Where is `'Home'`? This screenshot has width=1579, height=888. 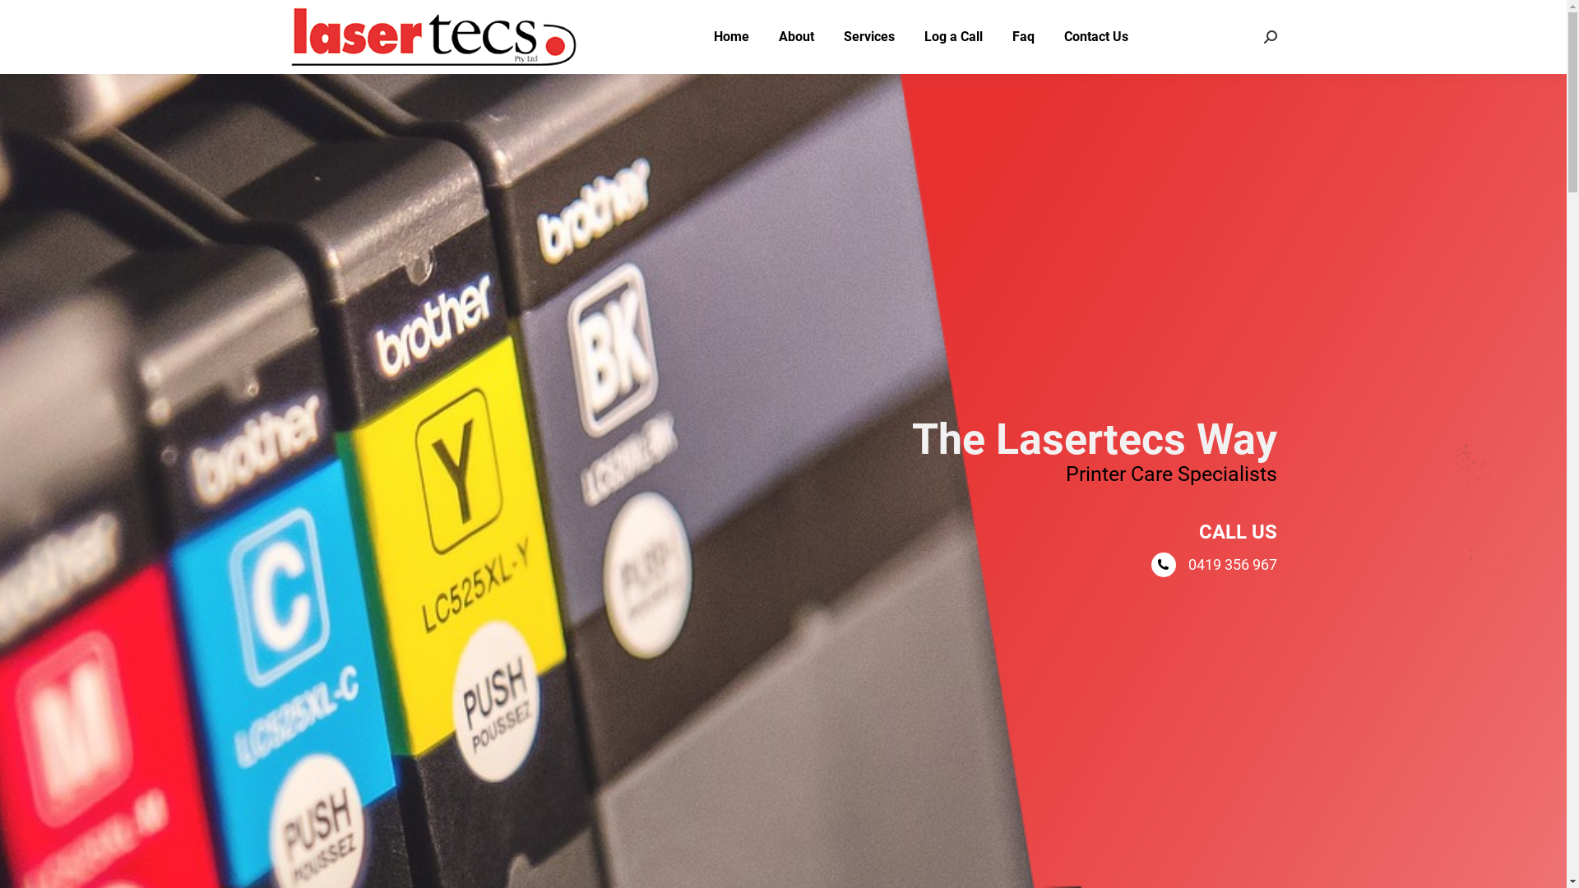 'Home' is located at coordinates (711, 37).